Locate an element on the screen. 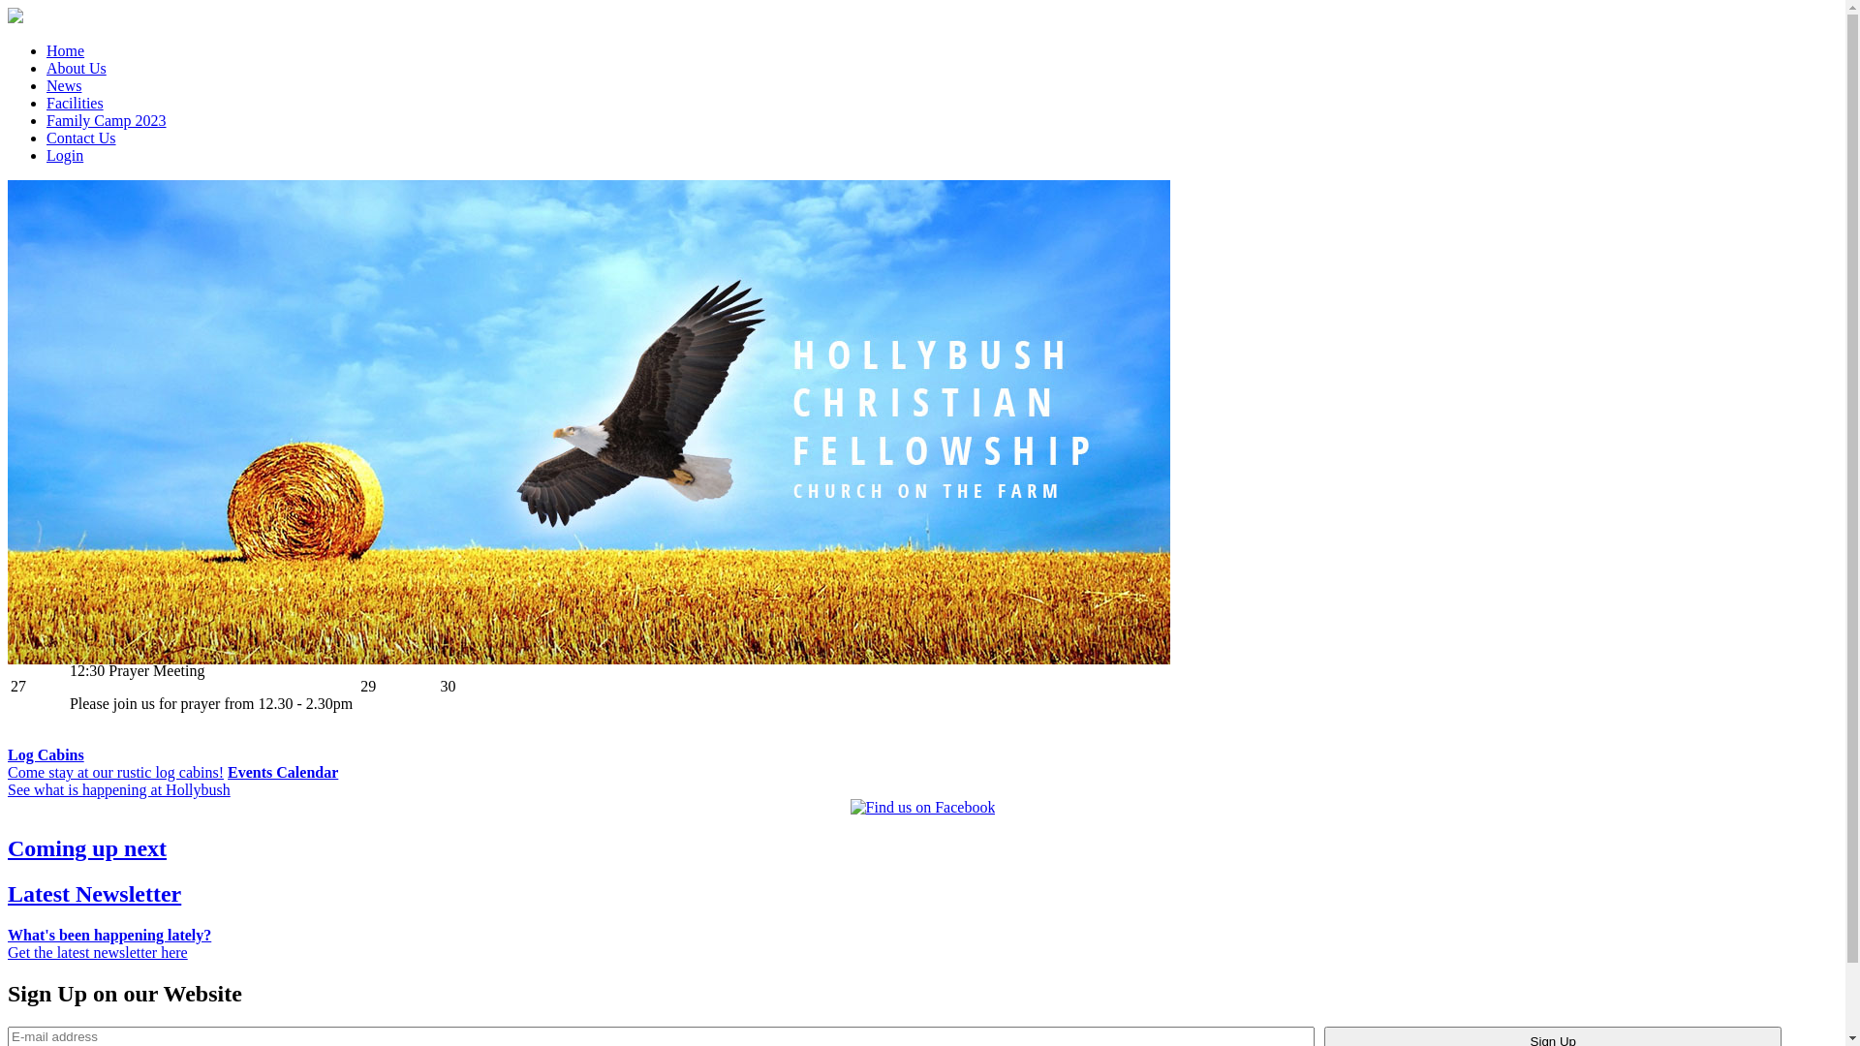  'Coming up next' is located at coordinates (8, 847).